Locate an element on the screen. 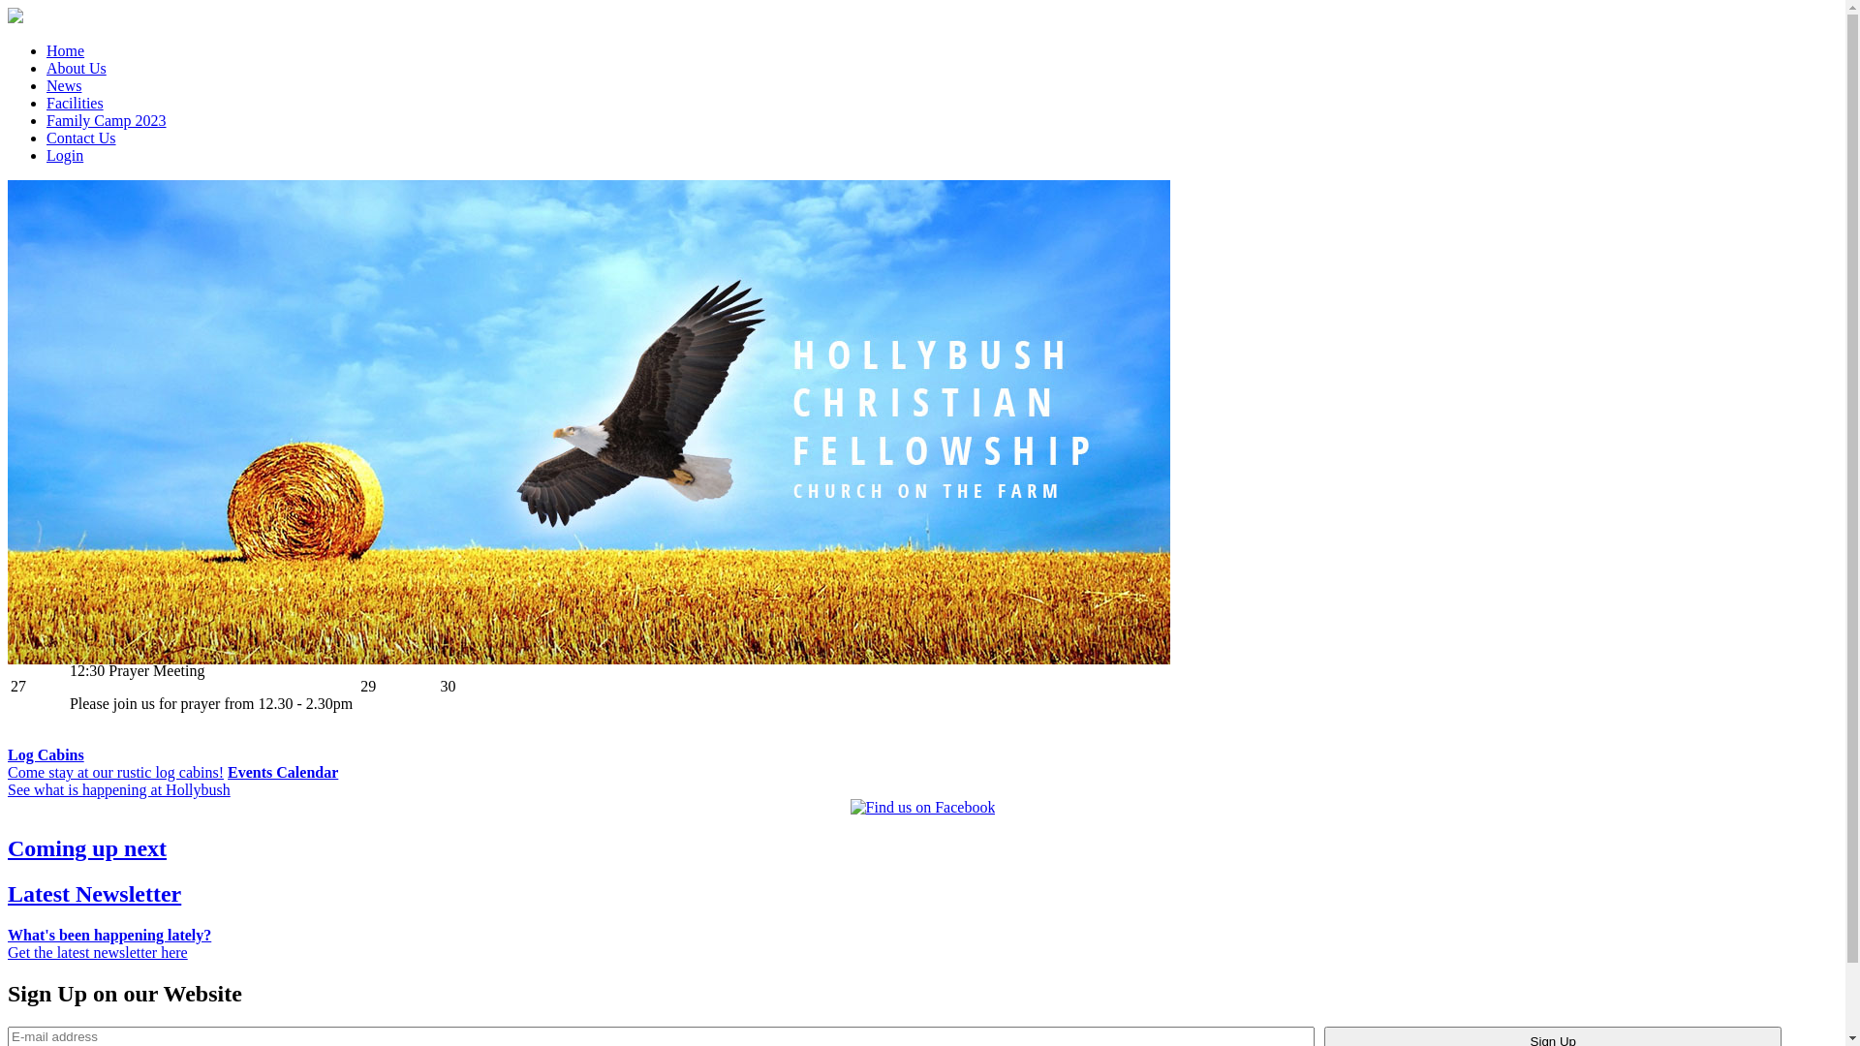  'Coming up next' is located at coordinates (8, 847).